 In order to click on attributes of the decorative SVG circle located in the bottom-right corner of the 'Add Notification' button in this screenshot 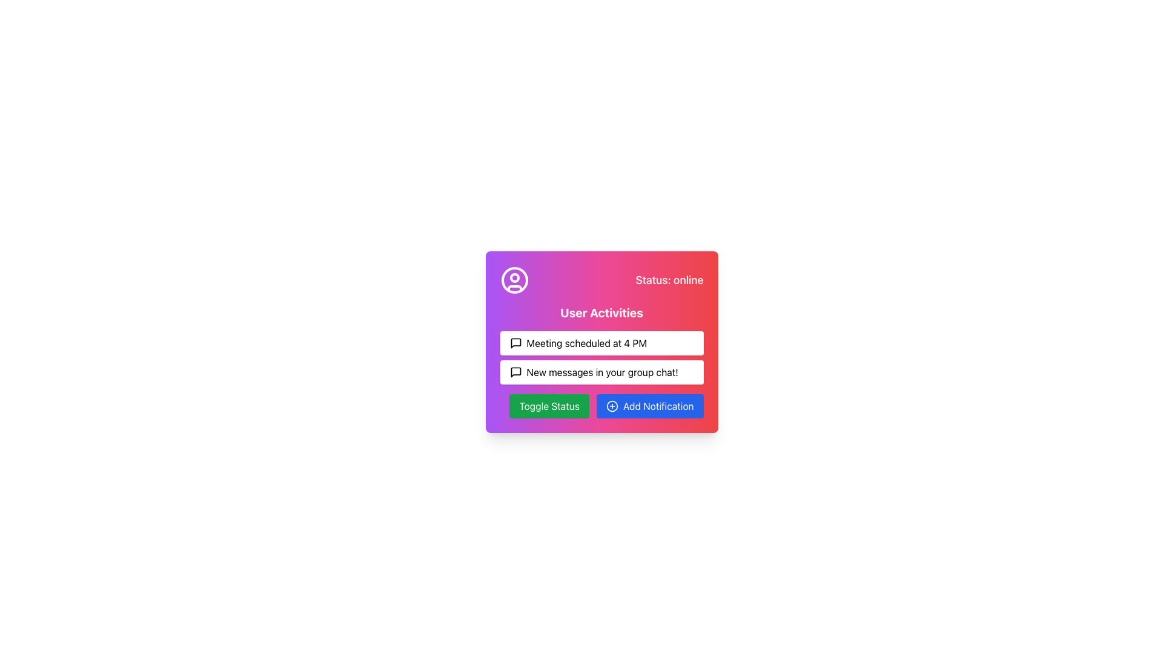, I will do `click(612, 406)`.